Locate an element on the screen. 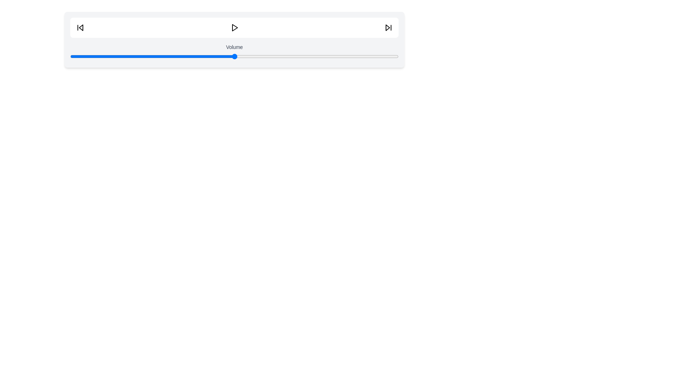 This screenshot has height=389, width=692. the skip-forward button located at the far right of the horizontal control bar to jump to the next item or segment is located at coordinates (388, 27).